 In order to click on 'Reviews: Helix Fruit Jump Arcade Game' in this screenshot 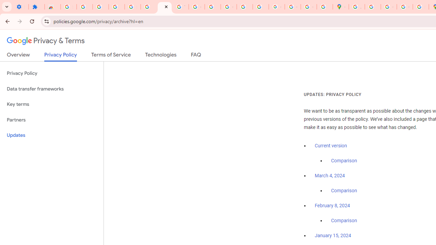, I will do `click(52, 7)`.